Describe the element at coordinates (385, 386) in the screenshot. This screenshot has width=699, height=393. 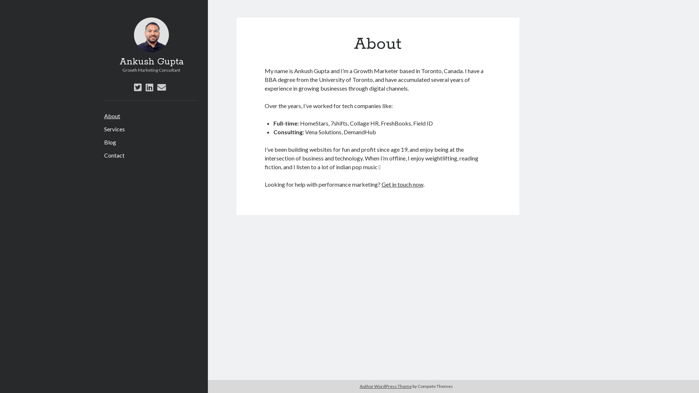
I see `'Author WordPress Theme'` at that location.